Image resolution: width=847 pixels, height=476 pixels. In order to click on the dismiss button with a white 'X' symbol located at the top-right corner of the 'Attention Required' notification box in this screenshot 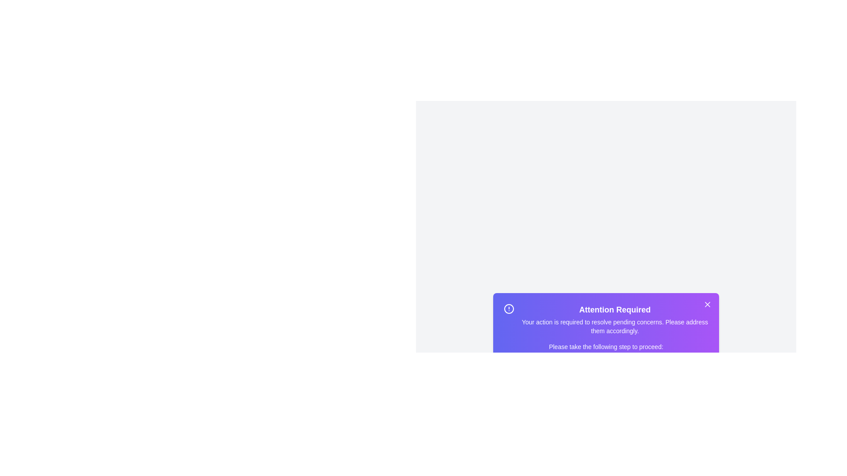, I will do `click(707, 304)`.